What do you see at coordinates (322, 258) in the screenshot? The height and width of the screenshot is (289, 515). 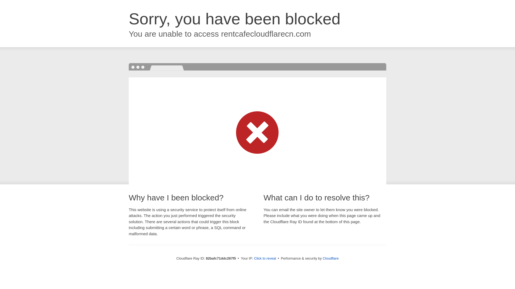 I see `'Cloudflare'` at bounding box center [322, 258].